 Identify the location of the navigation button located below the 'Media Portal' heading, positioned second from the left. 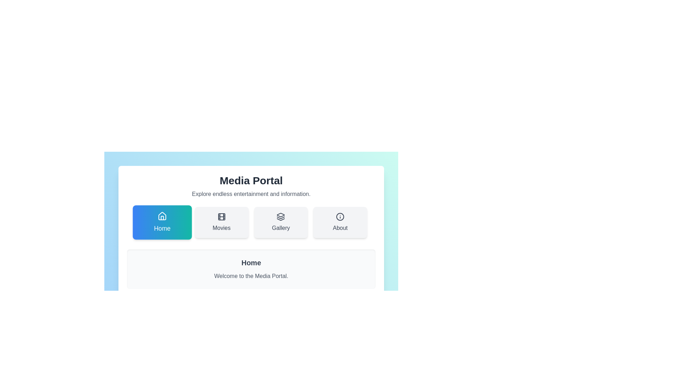
(221, 222).